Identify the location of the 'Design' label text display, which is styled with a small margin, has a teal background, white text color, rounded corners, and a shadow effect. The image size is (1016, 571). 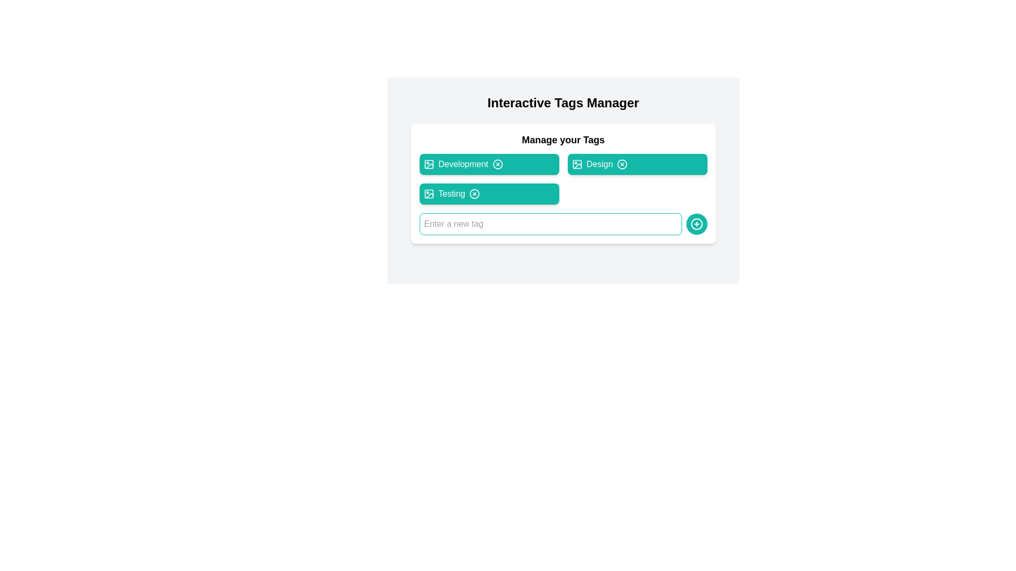
(600, 164).